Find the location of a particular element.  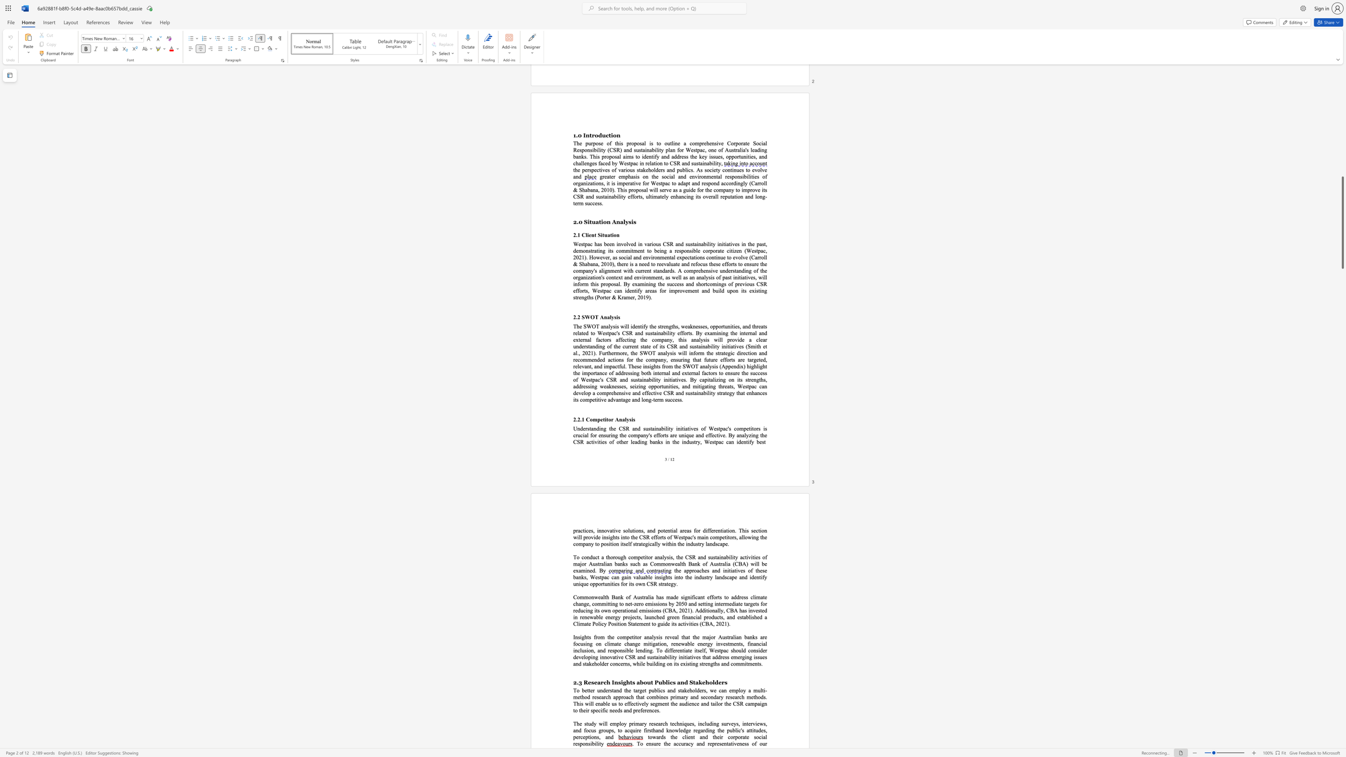

the 1th character "o" in the text is located at coordinates (590, 419).